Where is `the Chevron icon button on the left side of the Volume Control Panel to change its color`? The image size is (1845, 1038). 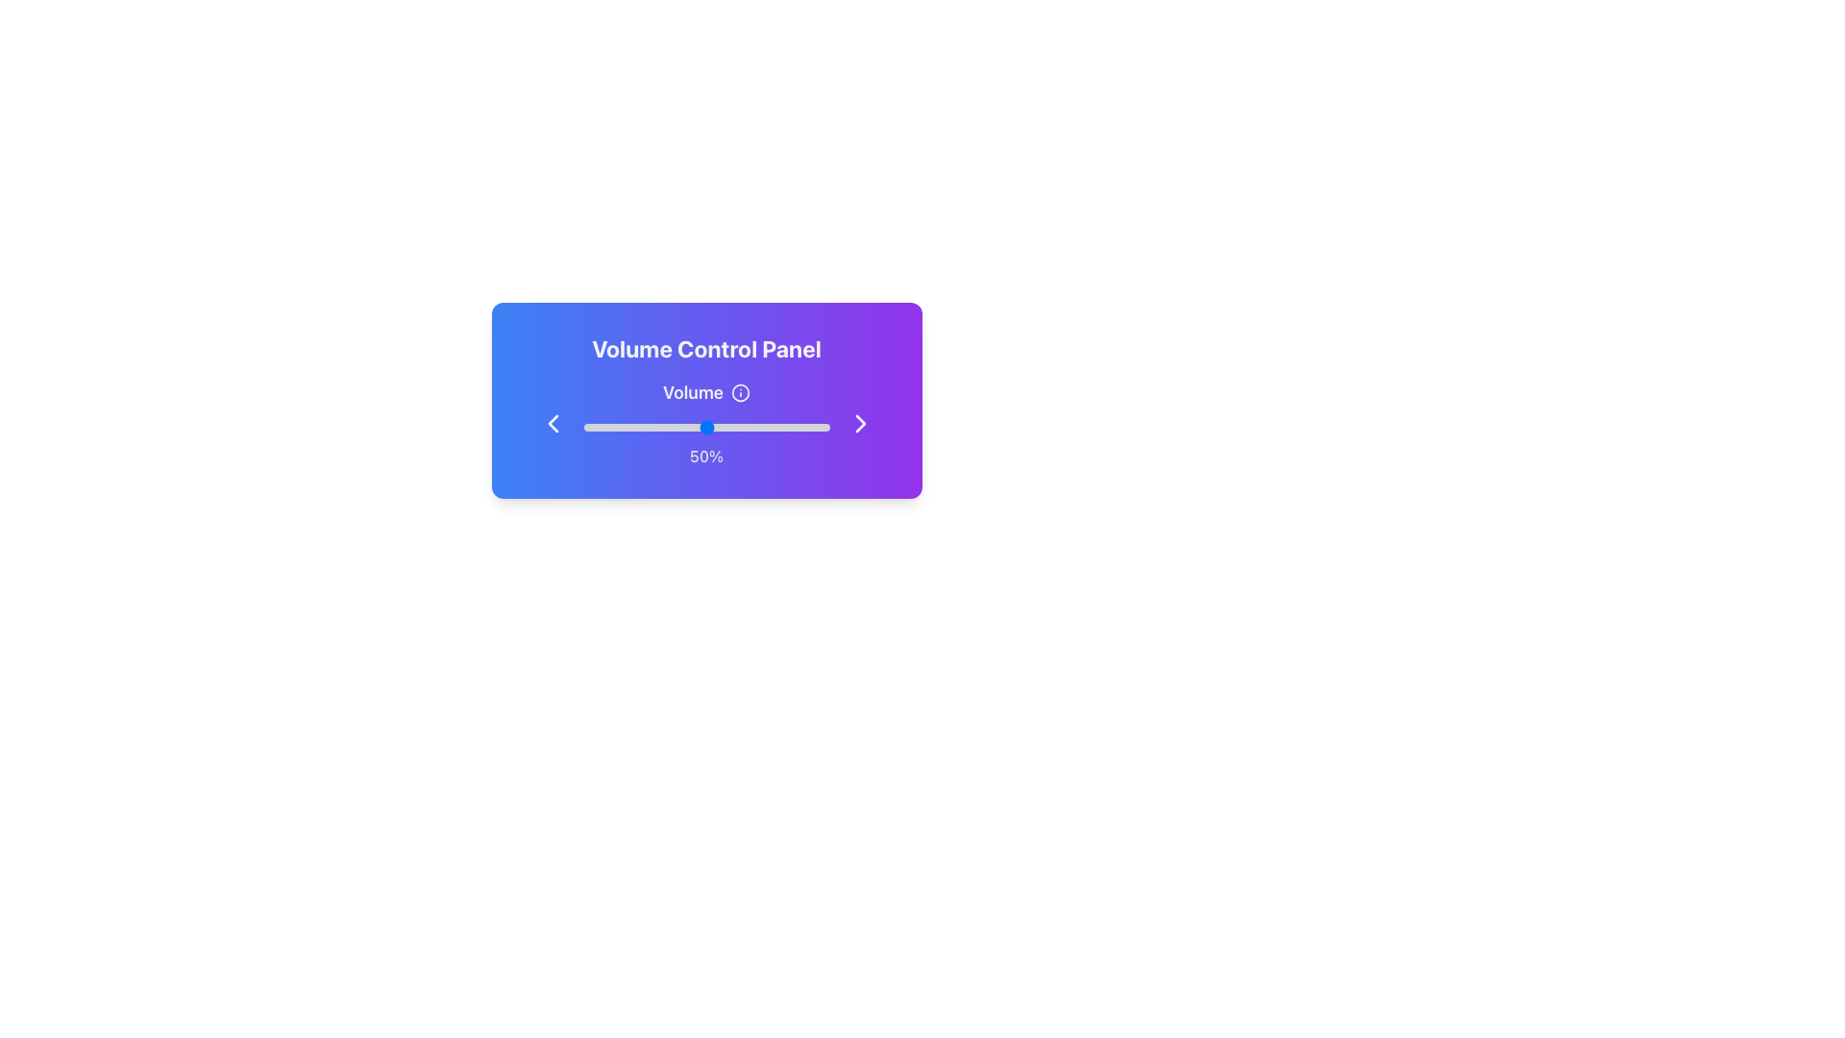 the Chevron icon button on the left side of the Volume Control Panel to change its color is located at coordinates (552, 422).